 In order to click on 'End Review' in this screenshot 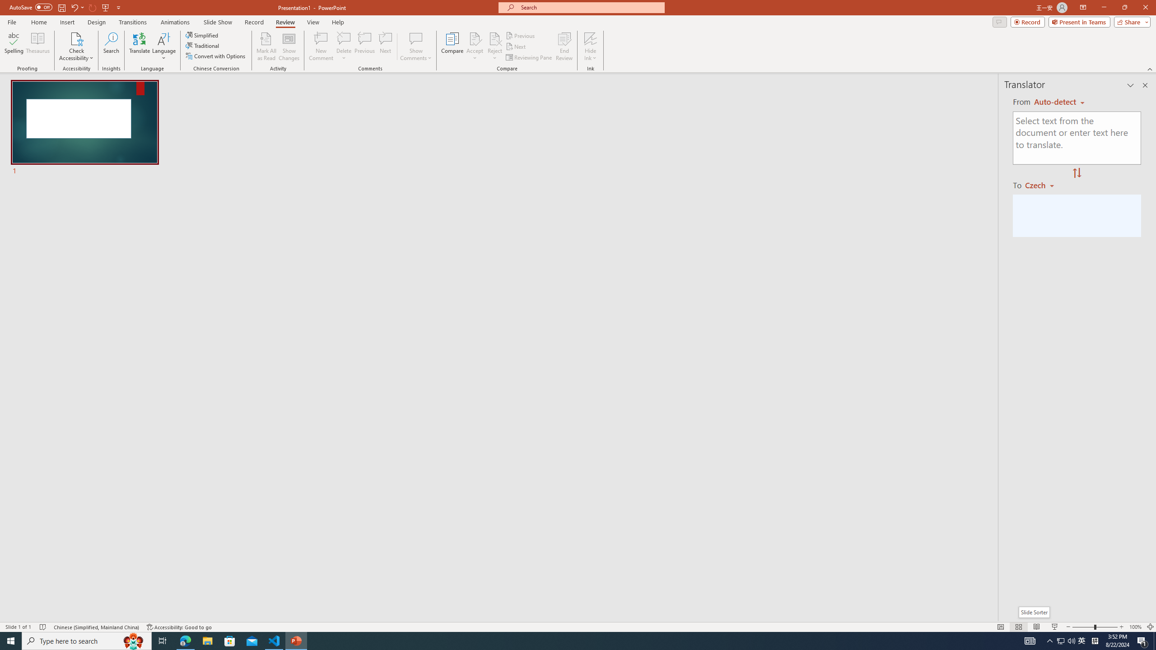, I will do `click(564, 46)`.